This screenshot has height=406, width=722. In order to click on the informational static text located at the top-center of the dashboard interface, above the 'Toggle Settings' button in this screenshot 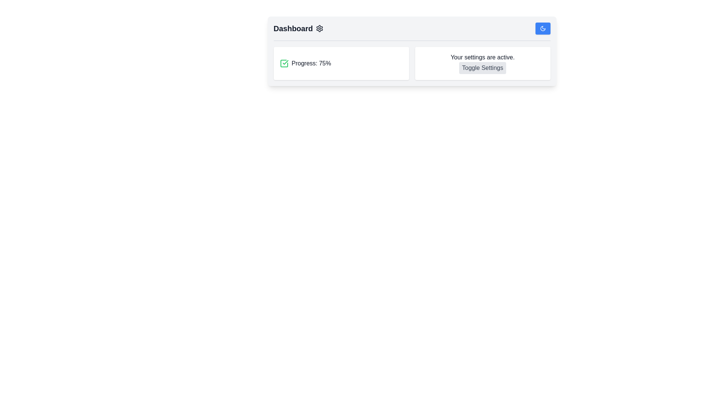, I will do `click(482, 57)`.